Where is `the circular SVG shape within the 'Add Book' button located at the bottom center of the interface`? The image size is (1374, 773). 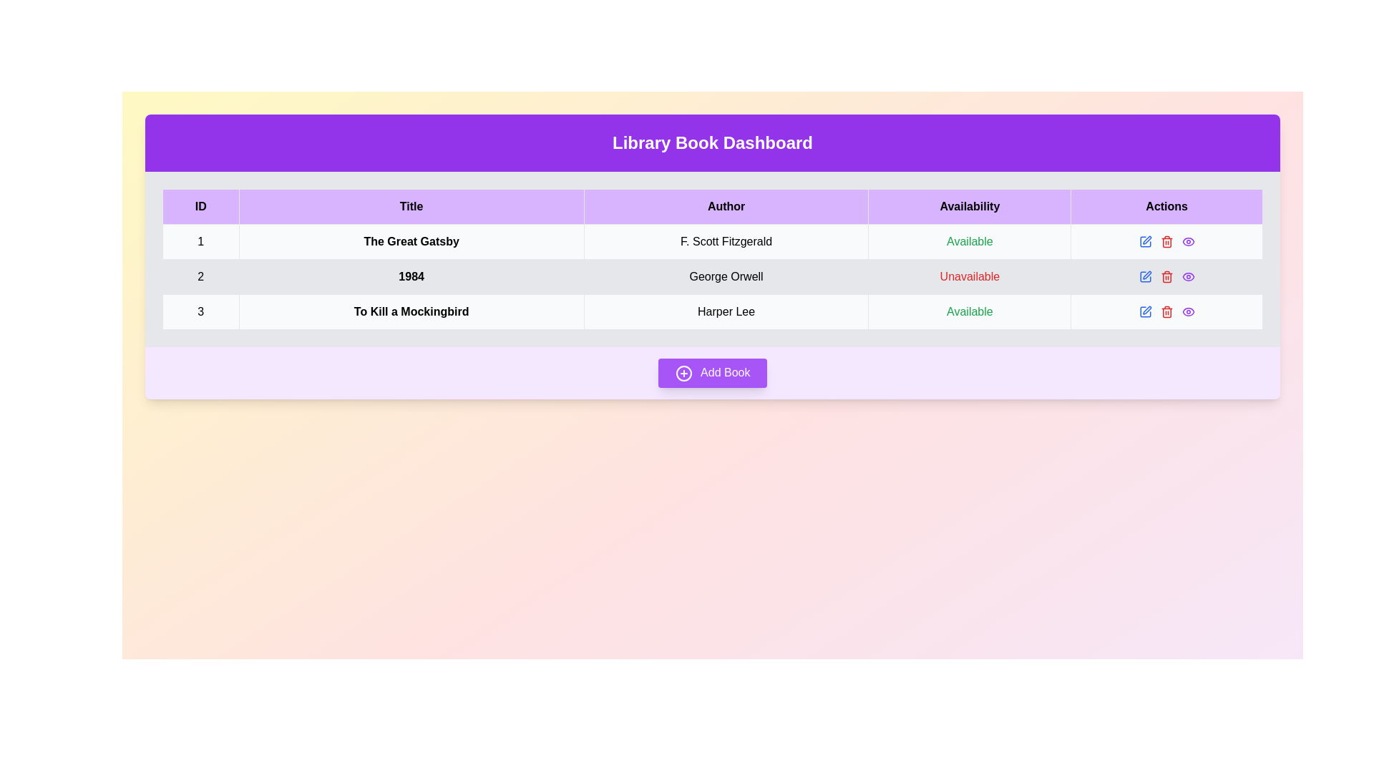 the circular SVG shape within the 'Add Book' button located at the bottom center of the interface is located at coordinates (683, 372).